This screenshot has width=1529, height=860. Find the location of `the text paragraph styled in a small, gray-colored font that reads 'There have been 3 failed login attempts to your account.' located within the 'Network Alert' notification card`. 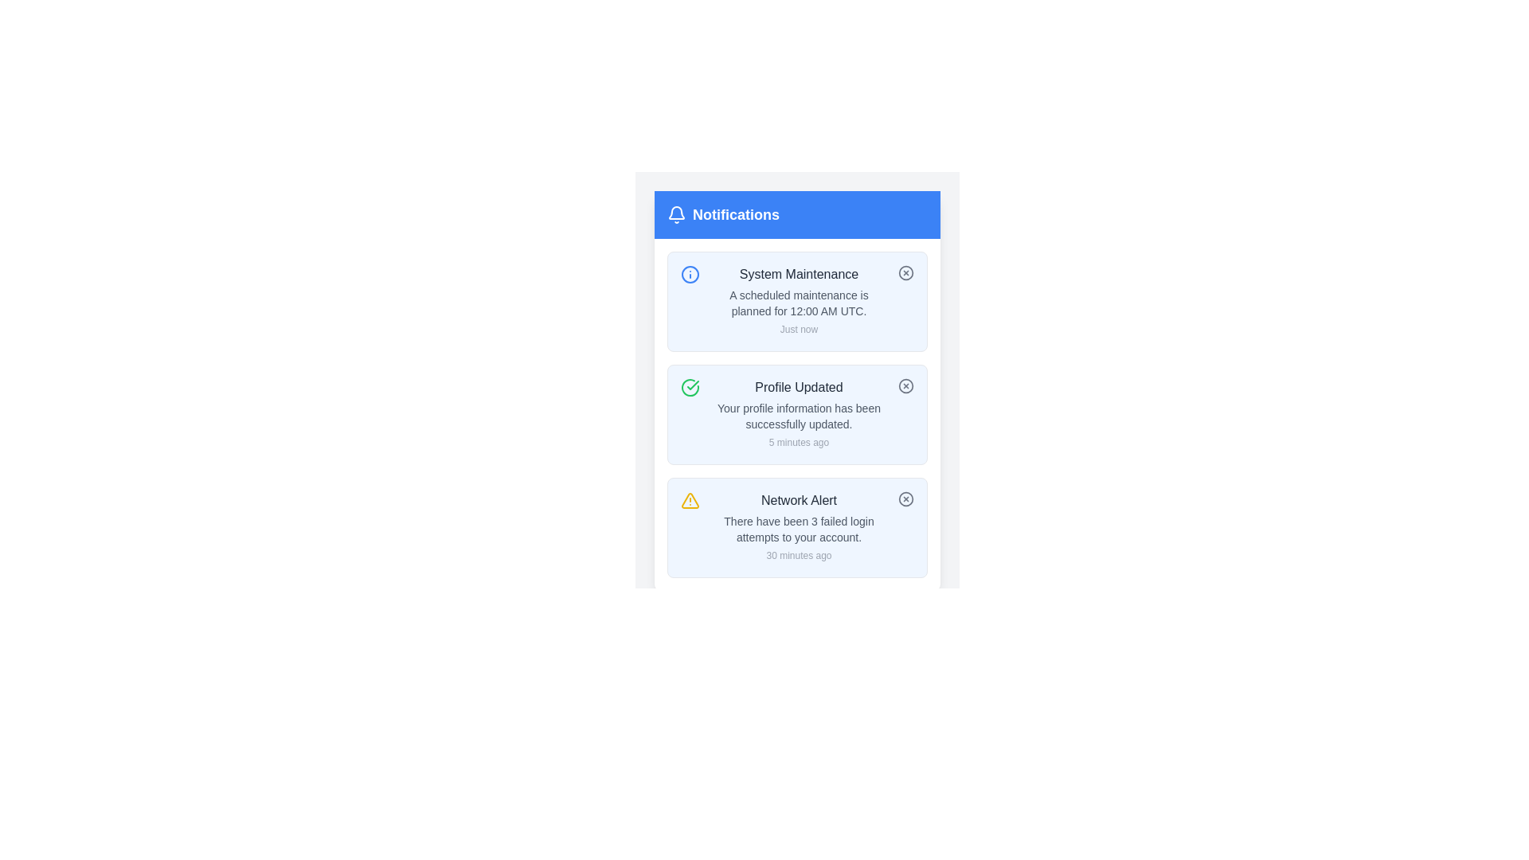

the text paragraph styled in a small, gray-colored font that reads 'There have been 3 failed login attempts to your account.' located within the 'Network Alert' notification card is located at coordinates (799, 529).